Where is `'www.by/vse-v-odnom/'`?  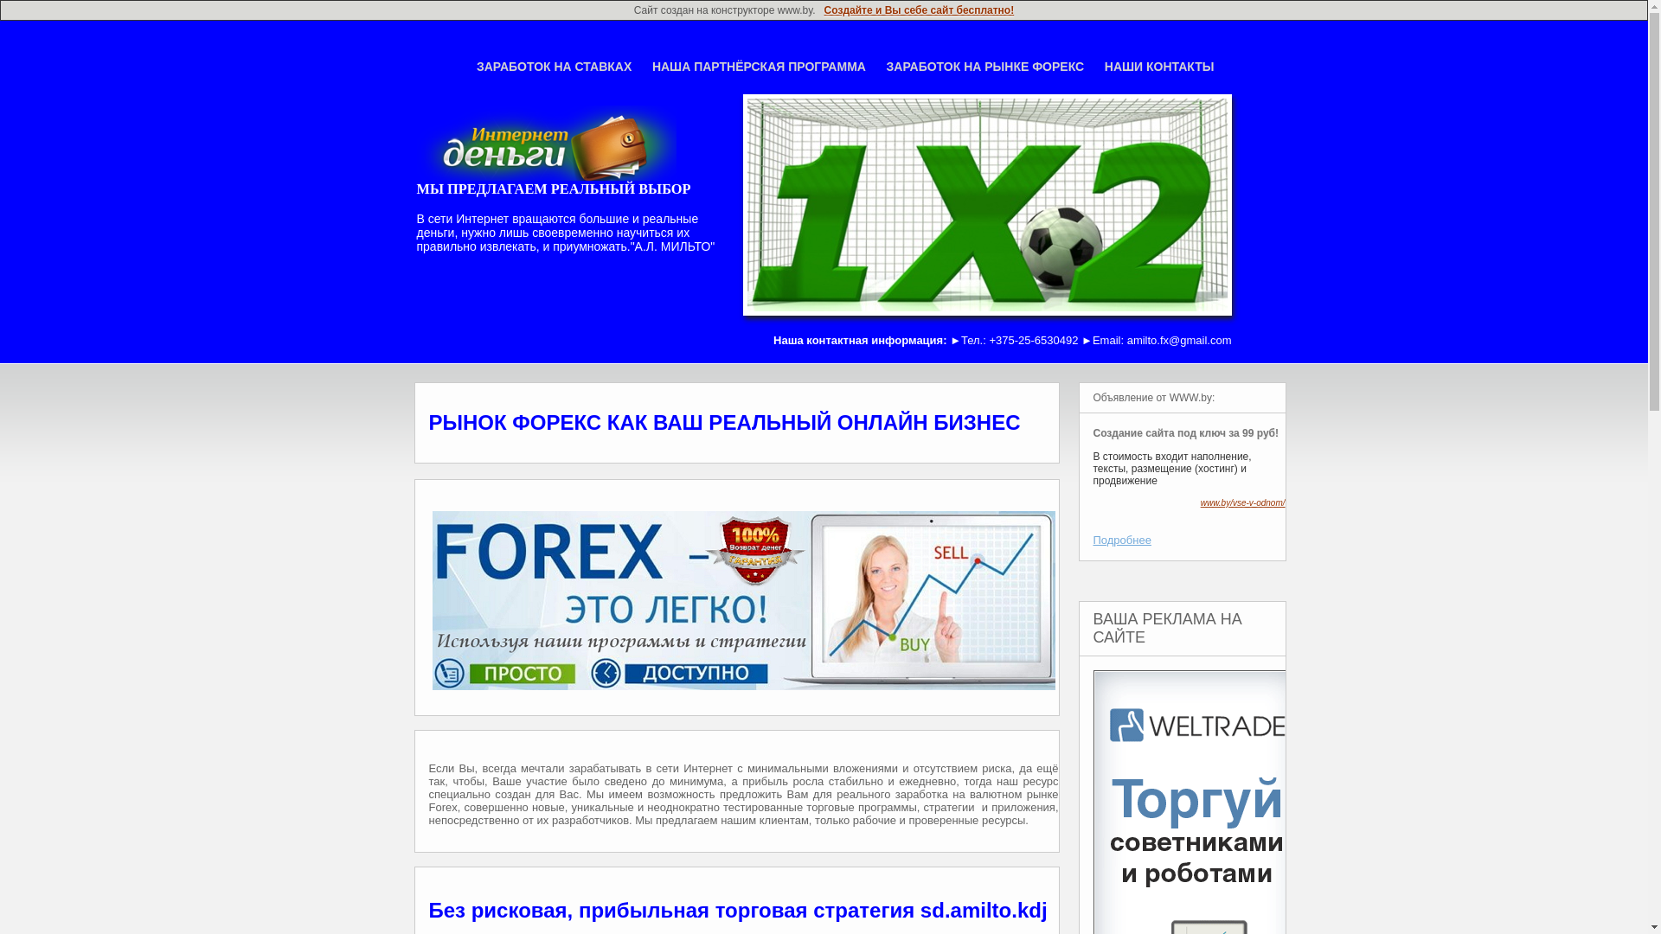 'www.by/vse-v-odnom/' is located at coordinates (1241, 502).